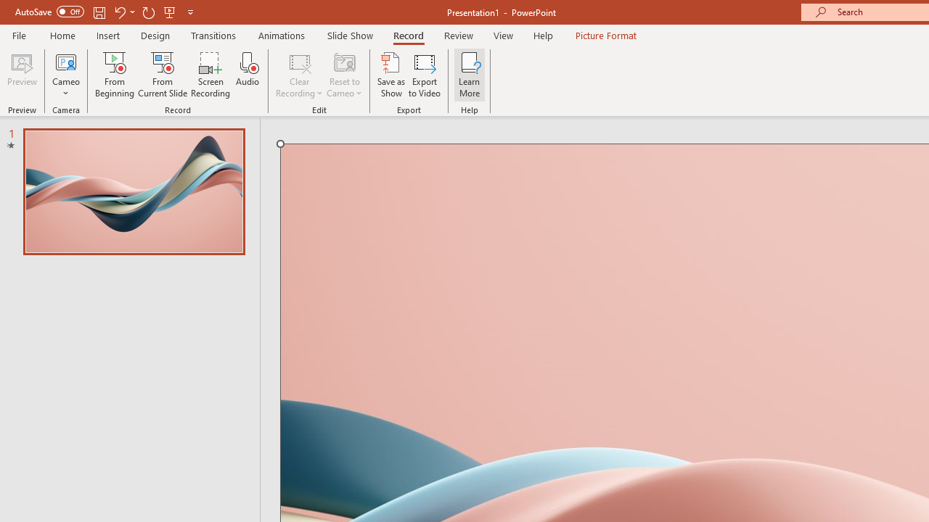 The height and width of the screenshot is (522, 929). Describe the element at coordinates (282, 35) in the screenshot. I see `'Animations'` at that location.